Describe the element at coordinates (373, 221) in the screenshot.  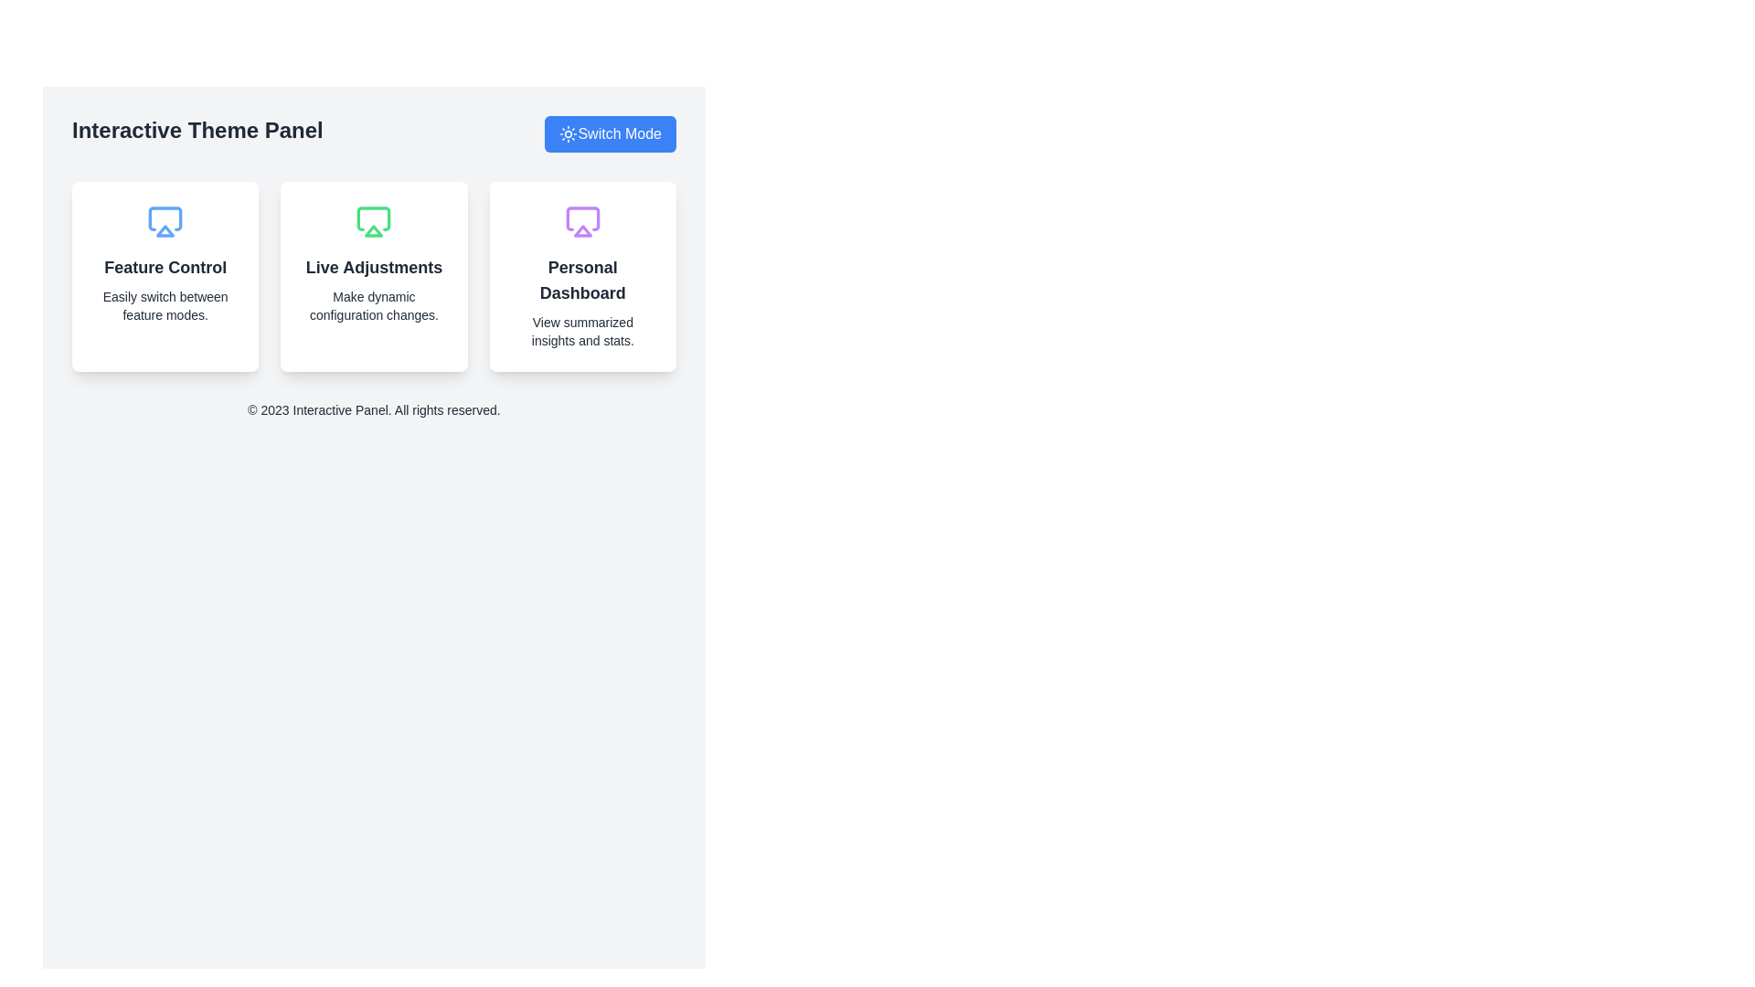
I see `the decorative icon representing the 'Live Adjustments' feature, located at the center top of the middle card in the three-card row layout` at that location.